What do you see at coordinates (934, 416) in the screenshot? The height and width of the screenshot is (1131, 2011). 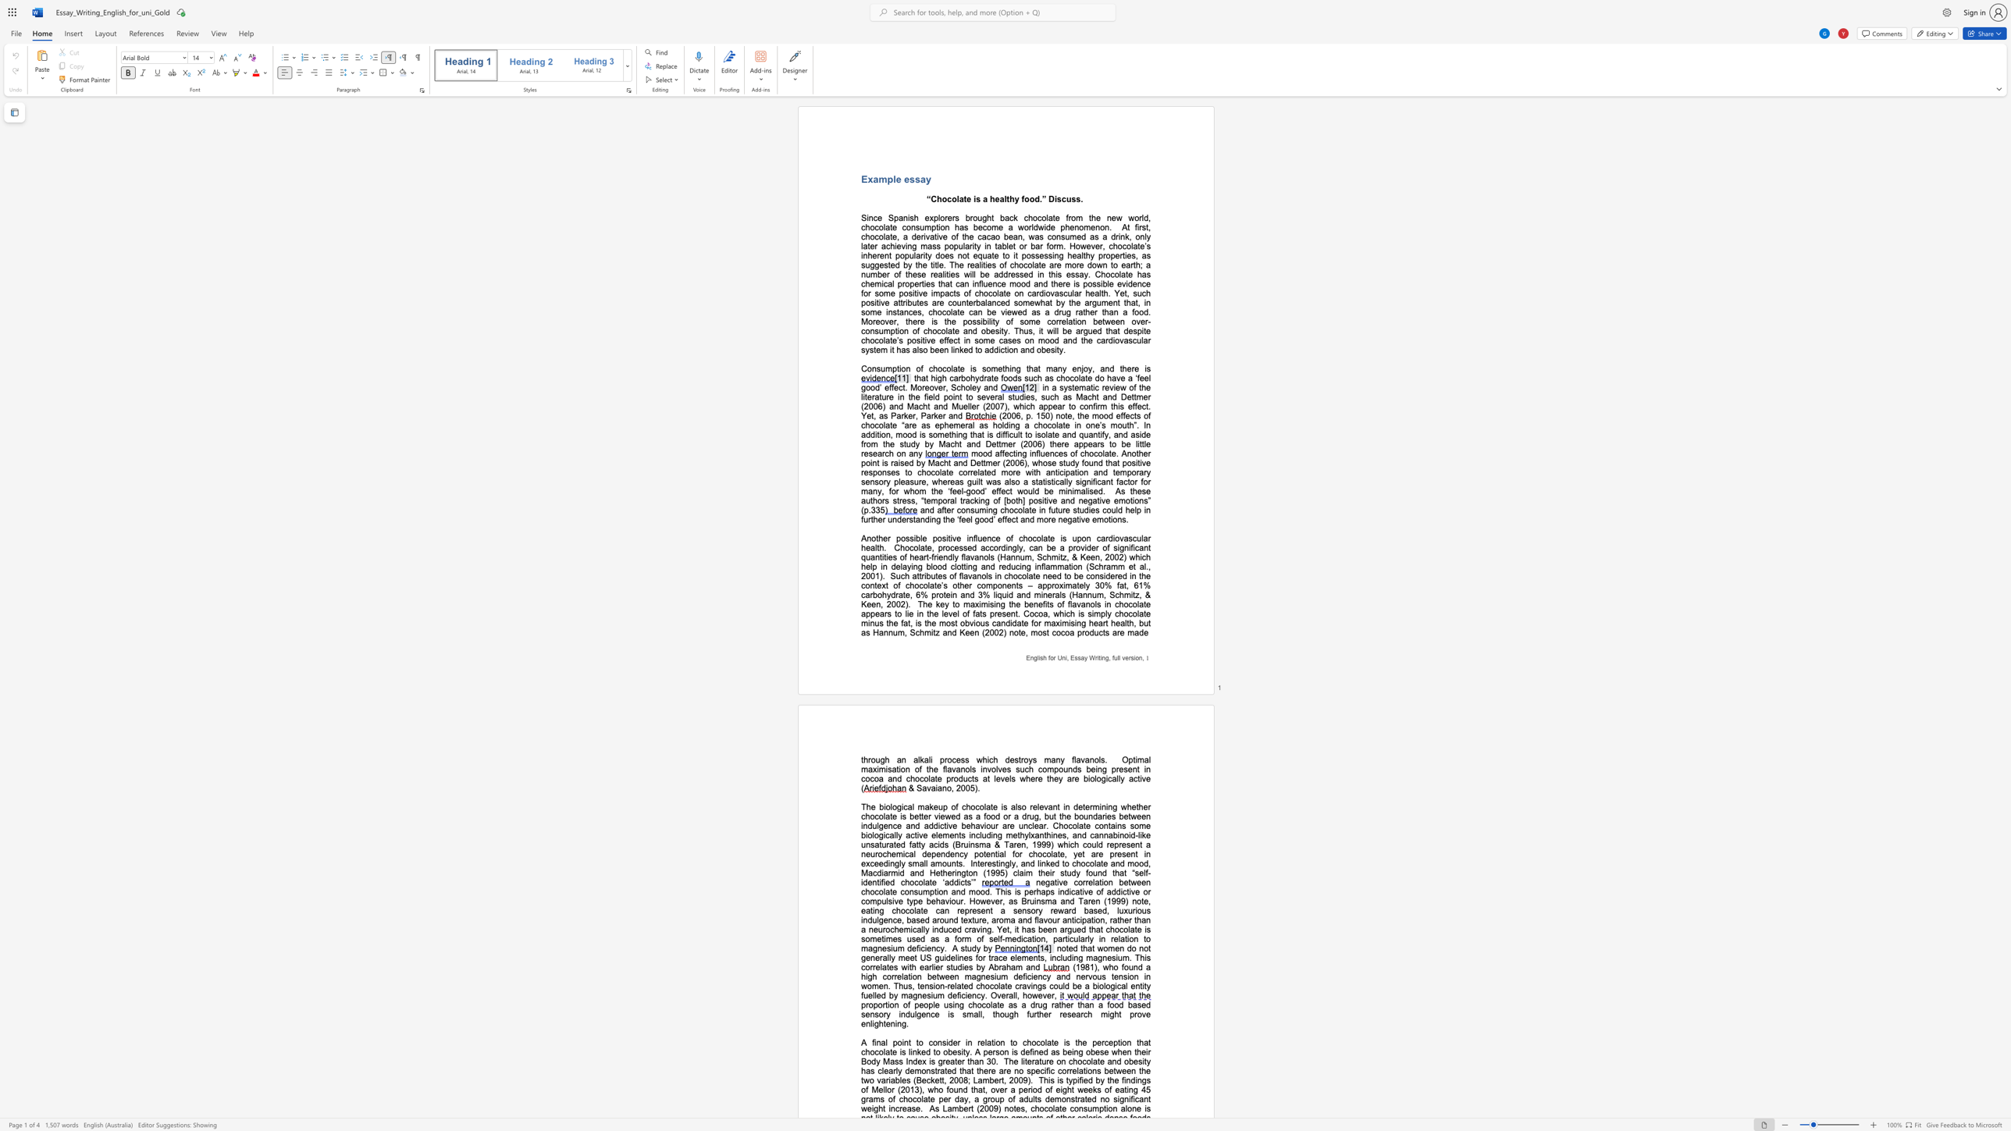 I see `the subset text "ke" within the text "this effect. Yet, as Parker, Parker and"` at bounding box center [934, 416].